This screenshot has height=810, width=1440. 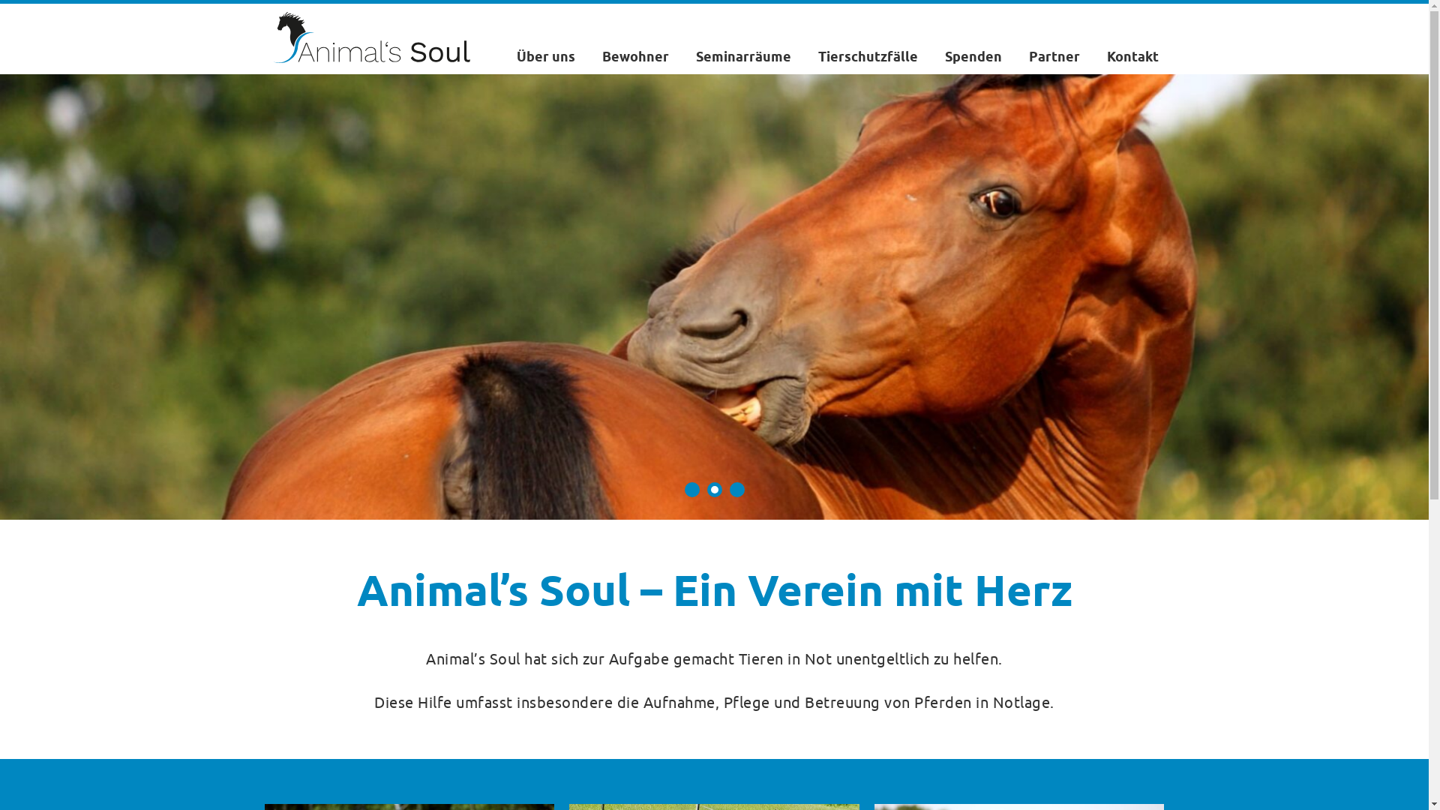 I want to click on 'Kontakt', so click(x=1107, y=55).